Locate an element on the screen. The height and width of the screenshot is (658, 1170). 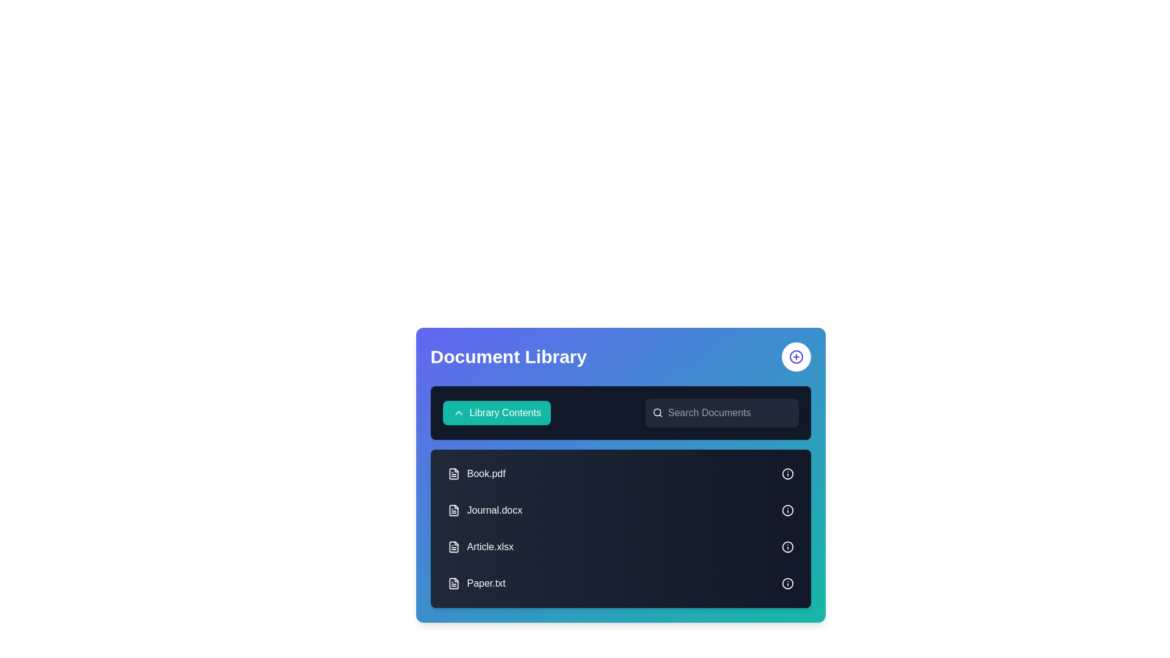
the 'Book.pdf' file item in the 'Document Library' is located at coordinates (476, 473).